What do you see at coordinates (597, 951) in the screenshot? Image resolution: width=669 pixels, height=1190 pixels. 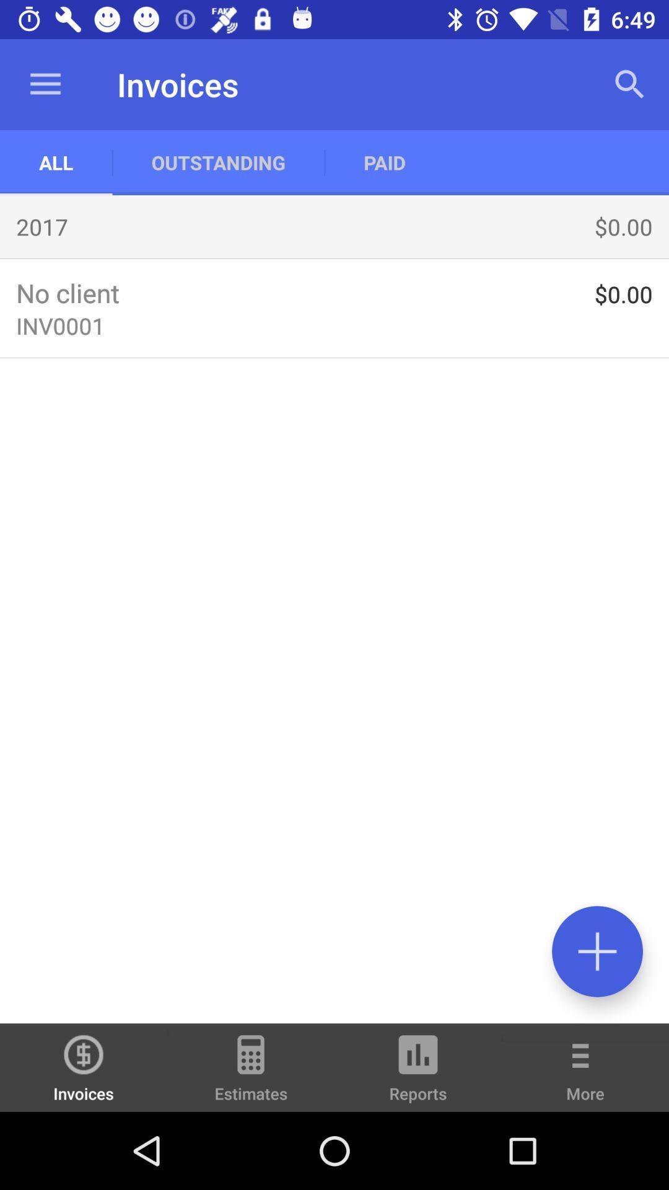 I see `invoice` at bounding box center [597, 951].